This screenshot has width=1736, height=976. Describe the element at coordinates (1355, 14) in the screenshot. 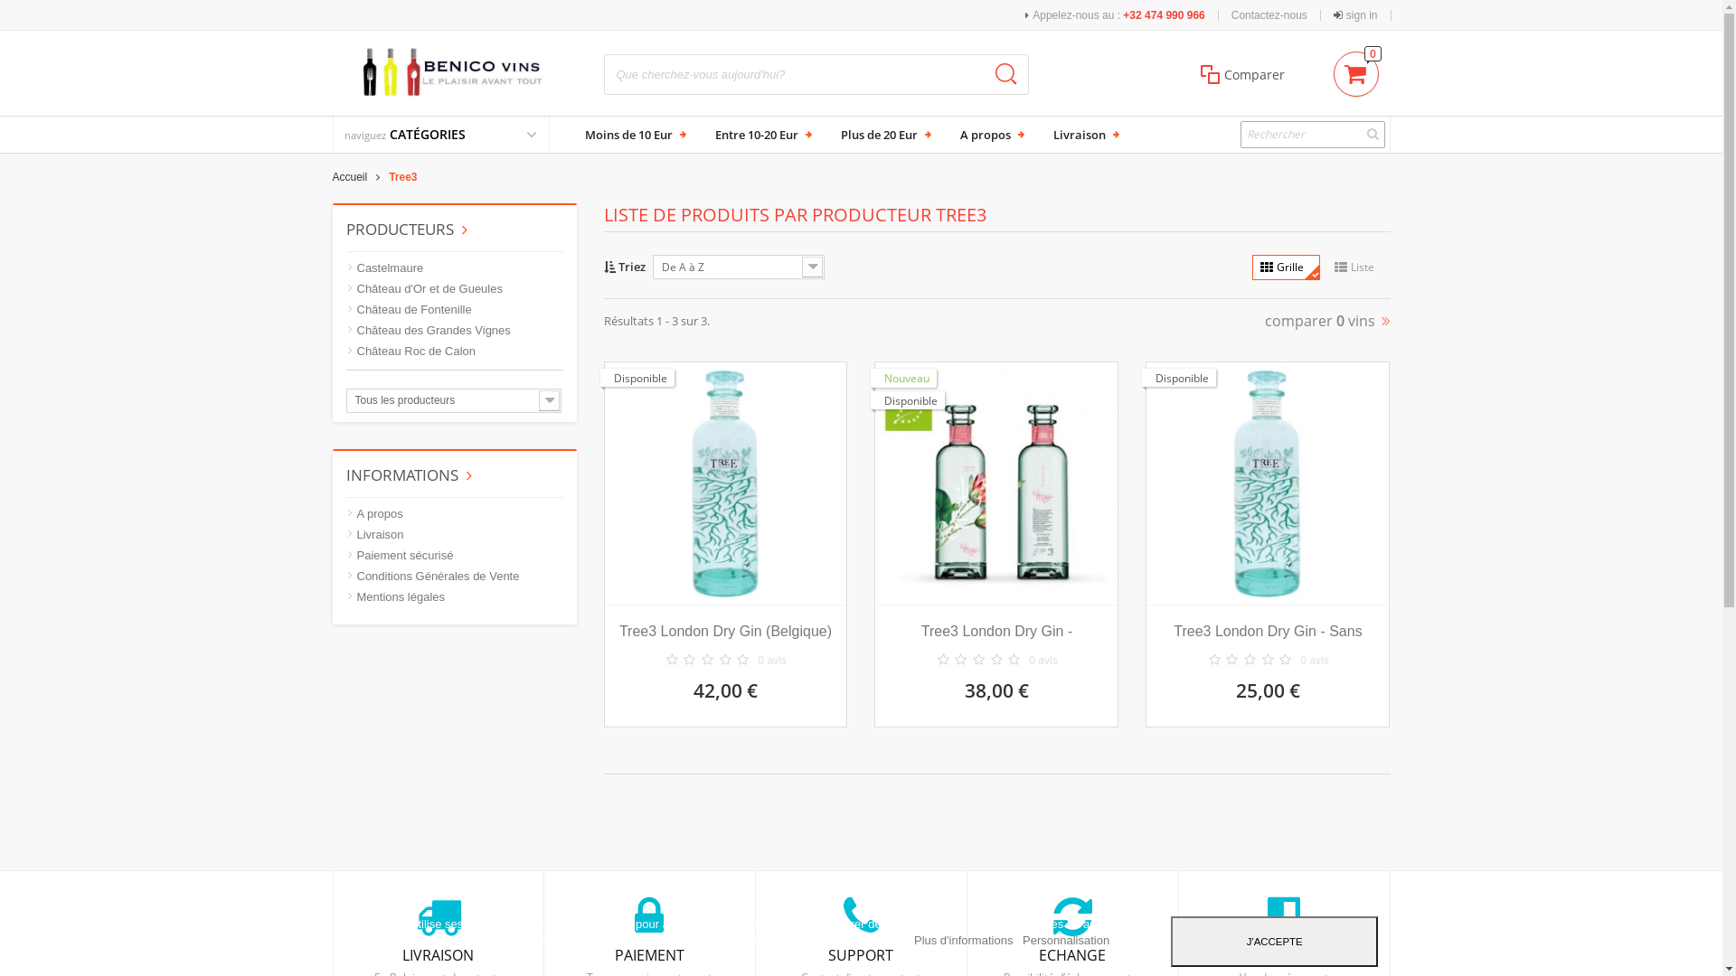

I see `'sign in'` at that location.